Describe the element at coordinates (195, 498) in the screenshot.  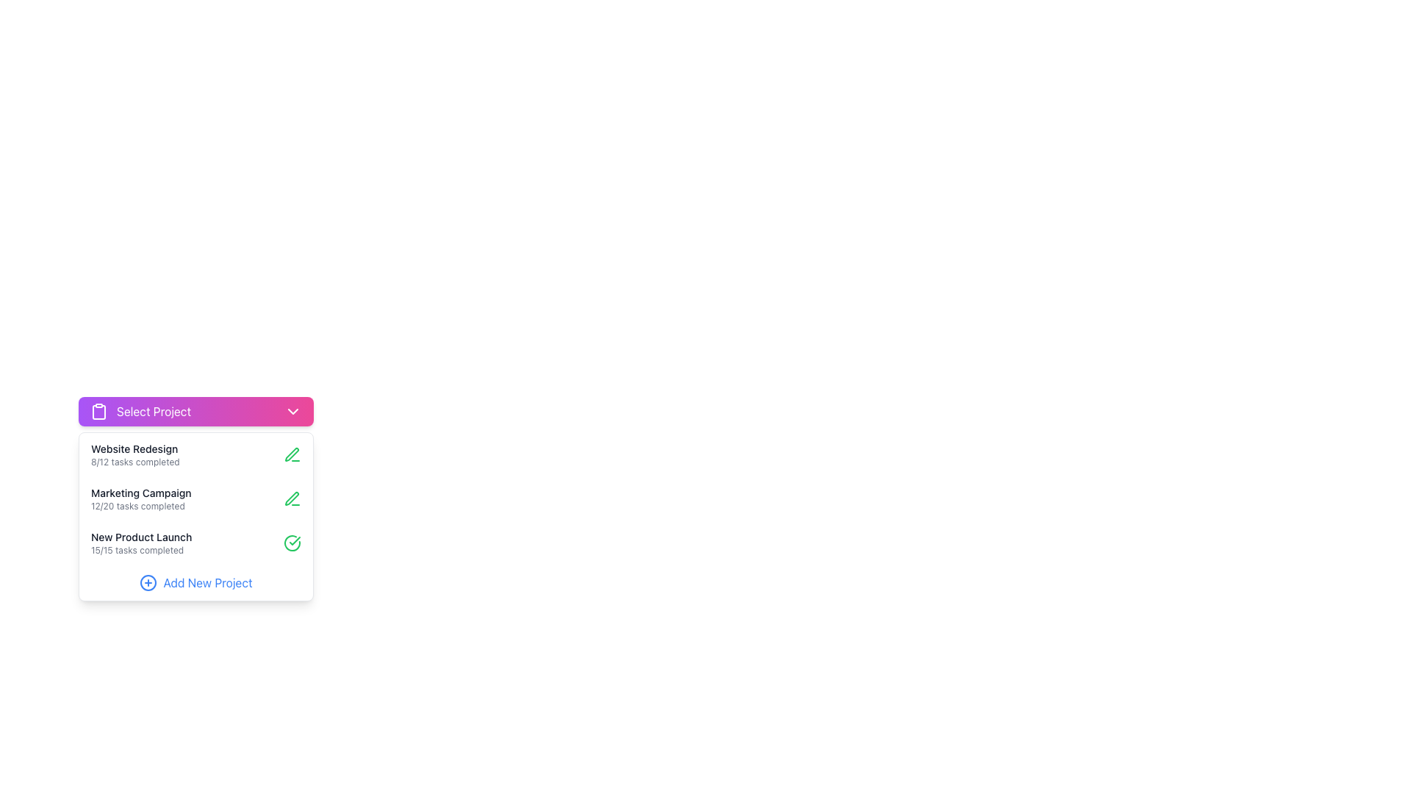
I see `the second item in the project list, which is labeled 'Marketing Campaign'` at that location.